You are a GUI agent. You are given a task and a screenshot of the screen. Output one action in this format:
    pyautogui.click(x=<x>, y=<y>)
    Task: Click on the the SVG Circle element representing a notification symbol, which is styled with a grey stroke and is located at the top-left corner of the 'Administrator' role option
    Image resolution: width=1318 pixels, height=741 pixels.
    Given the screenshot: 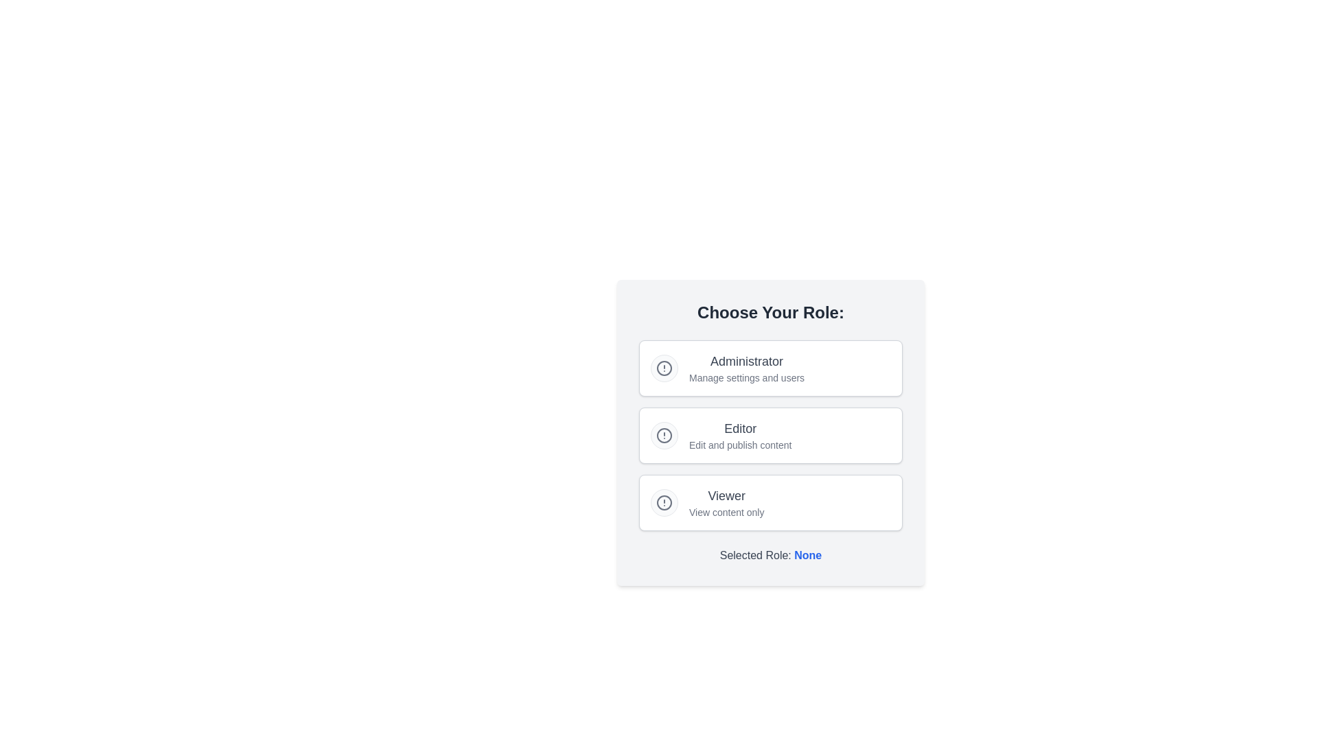 What is the action you would take?
    pyautogui.click(x=664, y=367)
    